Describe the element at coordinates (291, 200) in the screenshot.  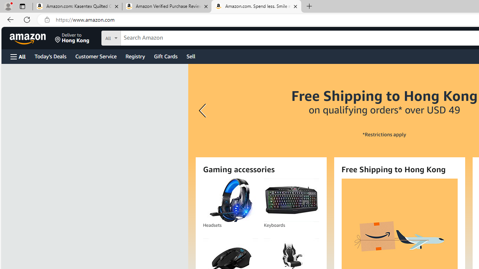
I see `'Keyboards'` at that location.